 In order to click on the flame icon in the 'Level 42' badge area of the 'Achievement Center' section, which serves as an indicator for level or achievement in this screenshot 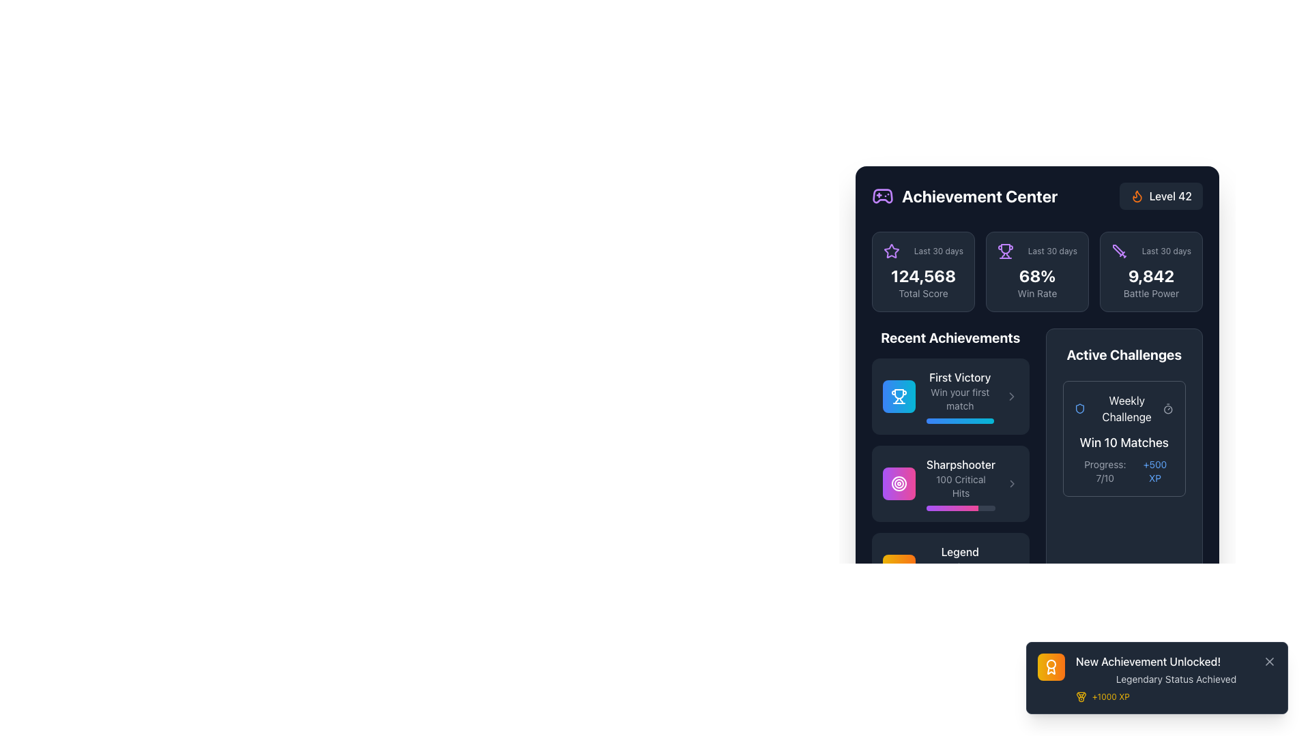, I will do `click(1137, 196)`.